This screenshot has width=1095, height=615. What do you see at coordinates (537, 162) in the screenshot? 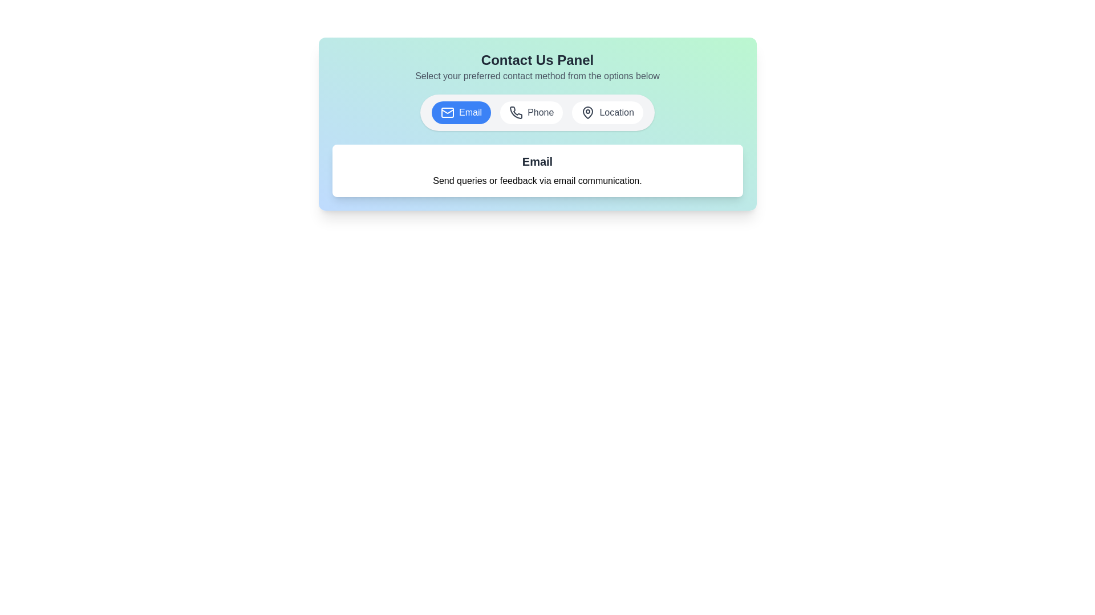
I see `header text 'Email', which is styled in bold, extra-large, dark gray font and is positioned prominently at the top of the section` at bounding box center [537, 162].